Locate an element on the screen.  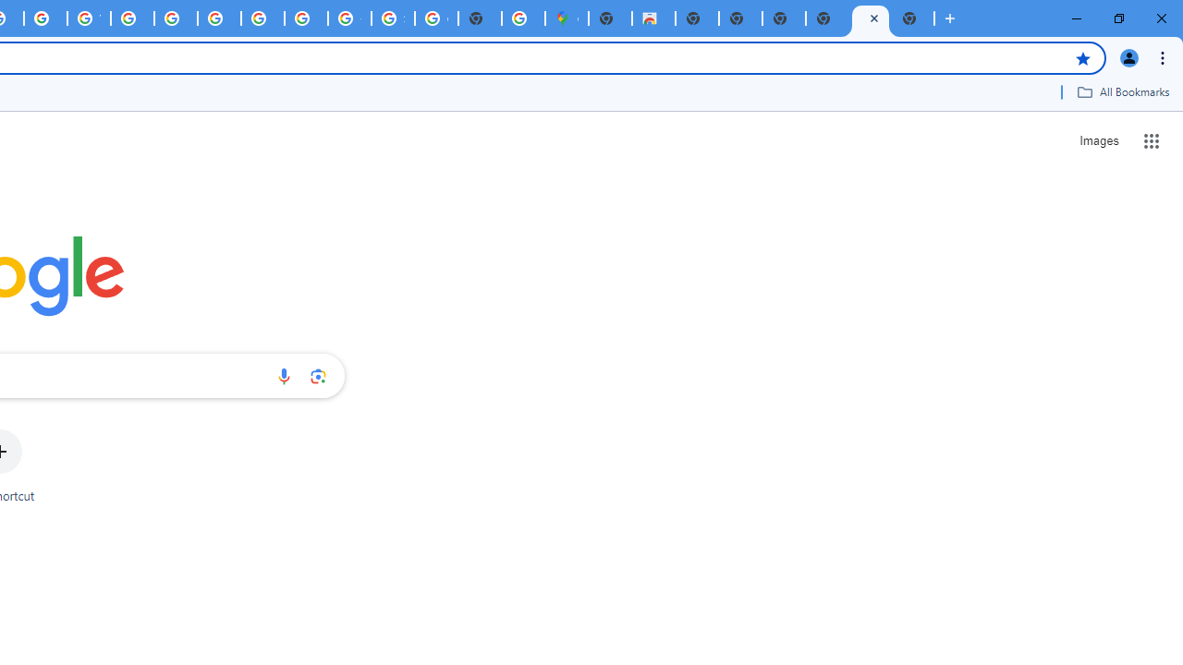
'Sign in - Google Accounts' is located at coordinates (392, 18).